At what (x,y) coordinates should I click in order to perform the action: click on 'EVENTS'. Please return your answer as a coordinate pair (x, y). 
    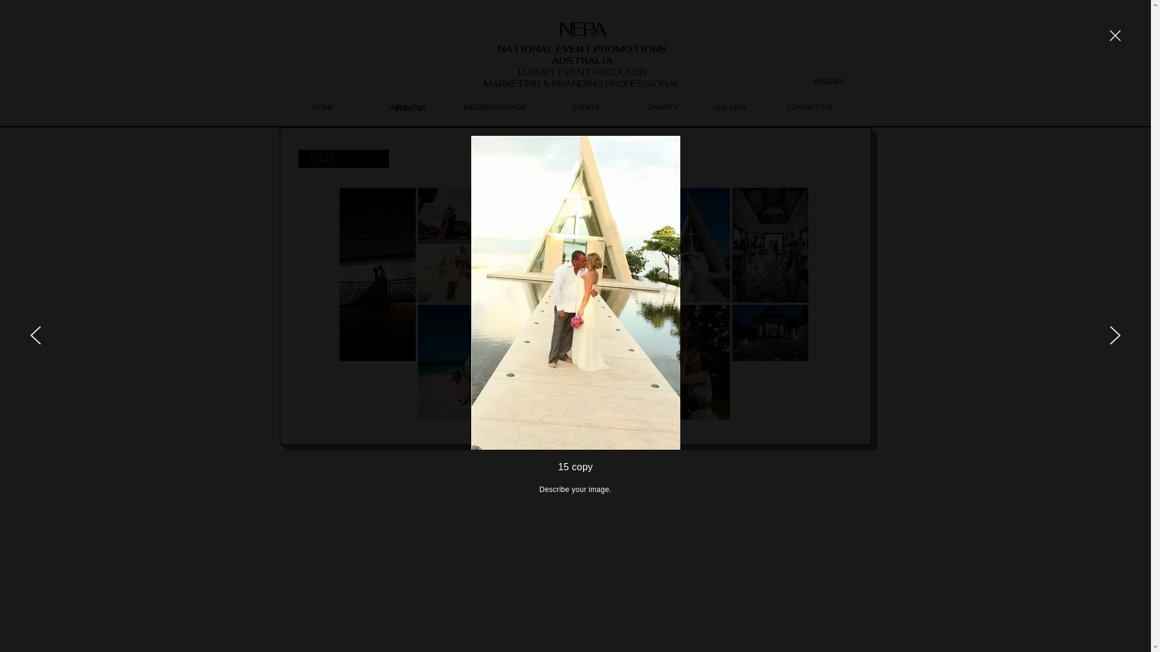
    Looking at the image, I should click on (585, 106).